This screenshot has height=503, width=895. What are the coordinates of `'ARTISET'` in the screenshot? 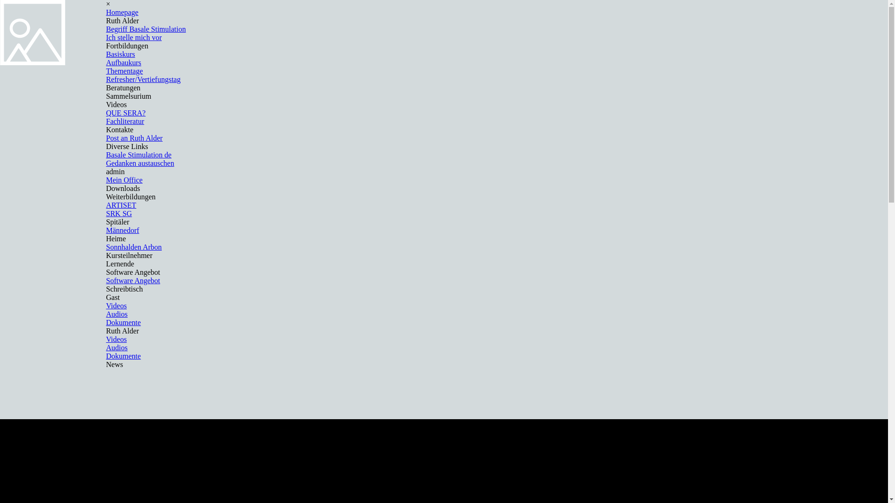 It's located at (121, 204).